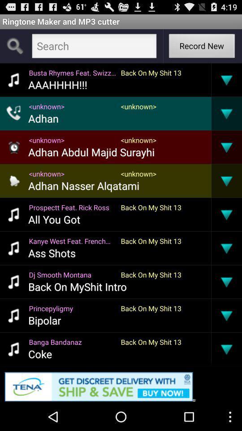 The image size is (242, 431). I want to click on app next to back on my item, so click(72, 341).